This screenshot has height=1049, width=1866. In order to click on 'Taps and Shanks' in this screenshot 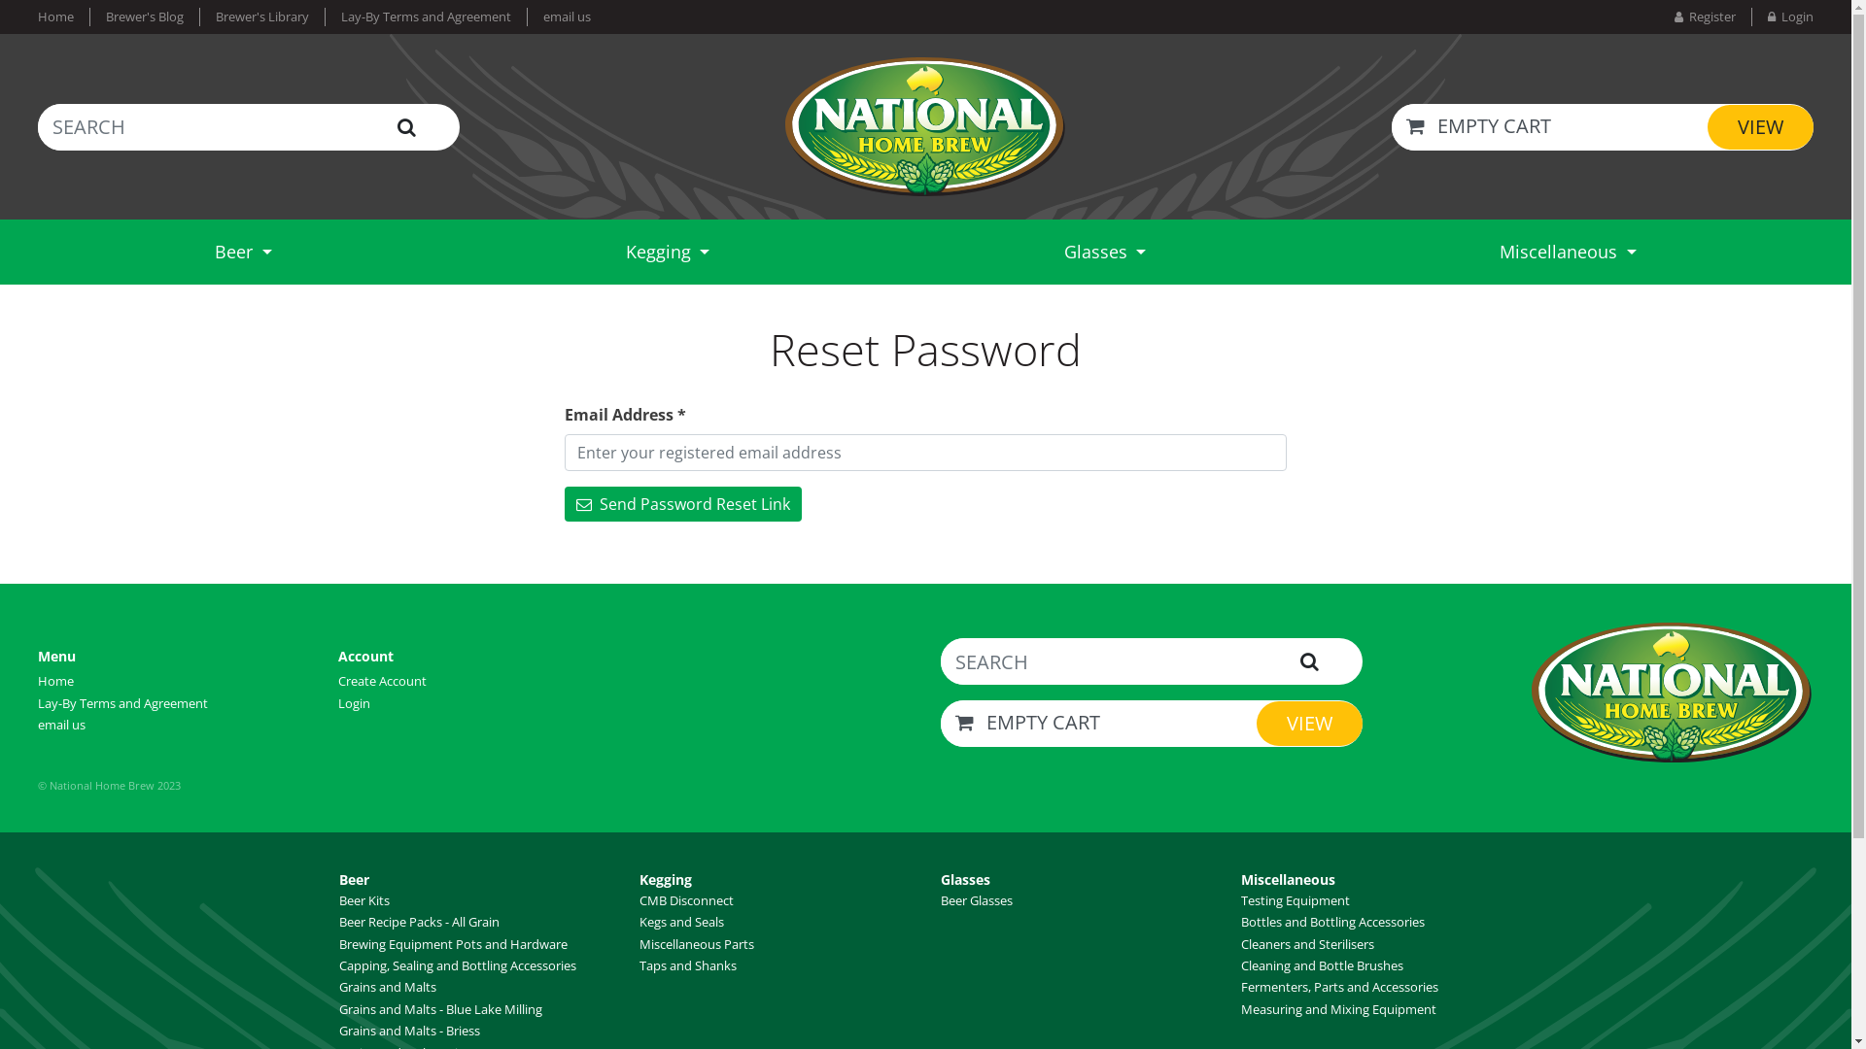, I will do `click(688, 965)`.